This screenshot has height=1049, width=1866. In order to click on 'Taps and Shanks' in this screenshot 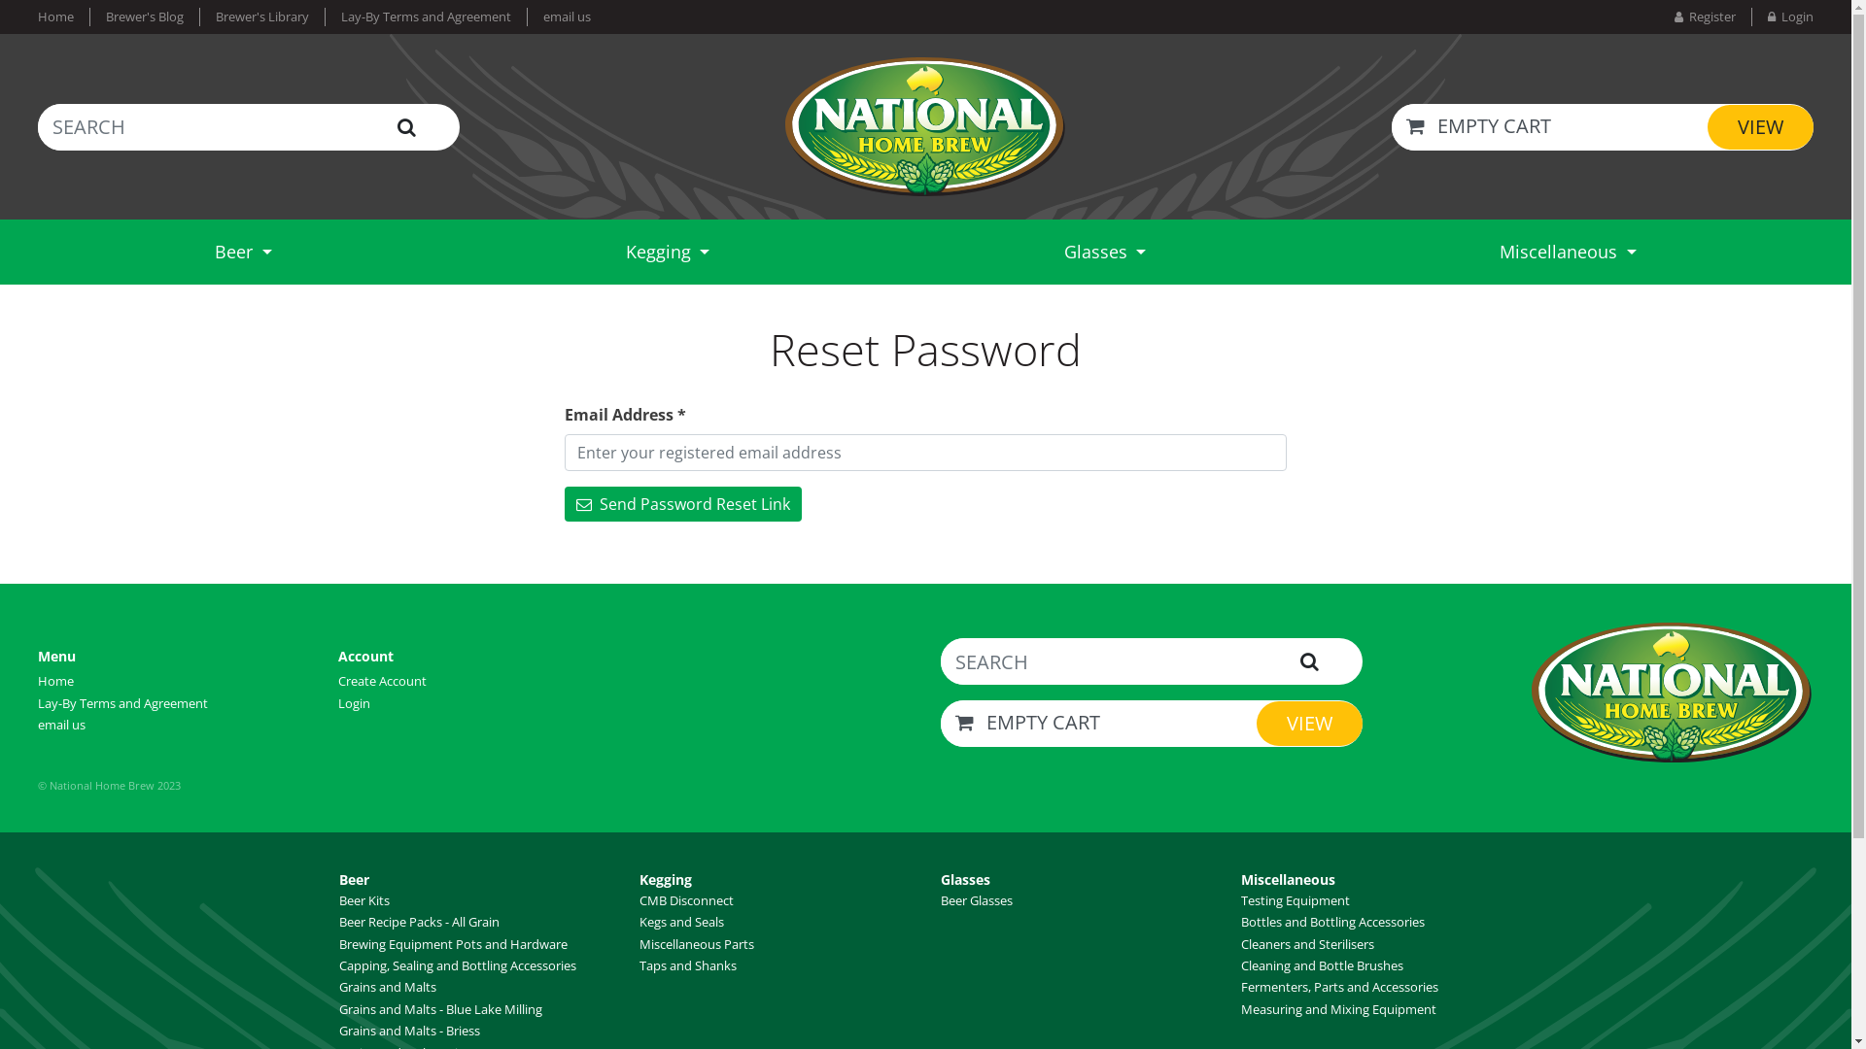, I will do `click(688, 965)`.